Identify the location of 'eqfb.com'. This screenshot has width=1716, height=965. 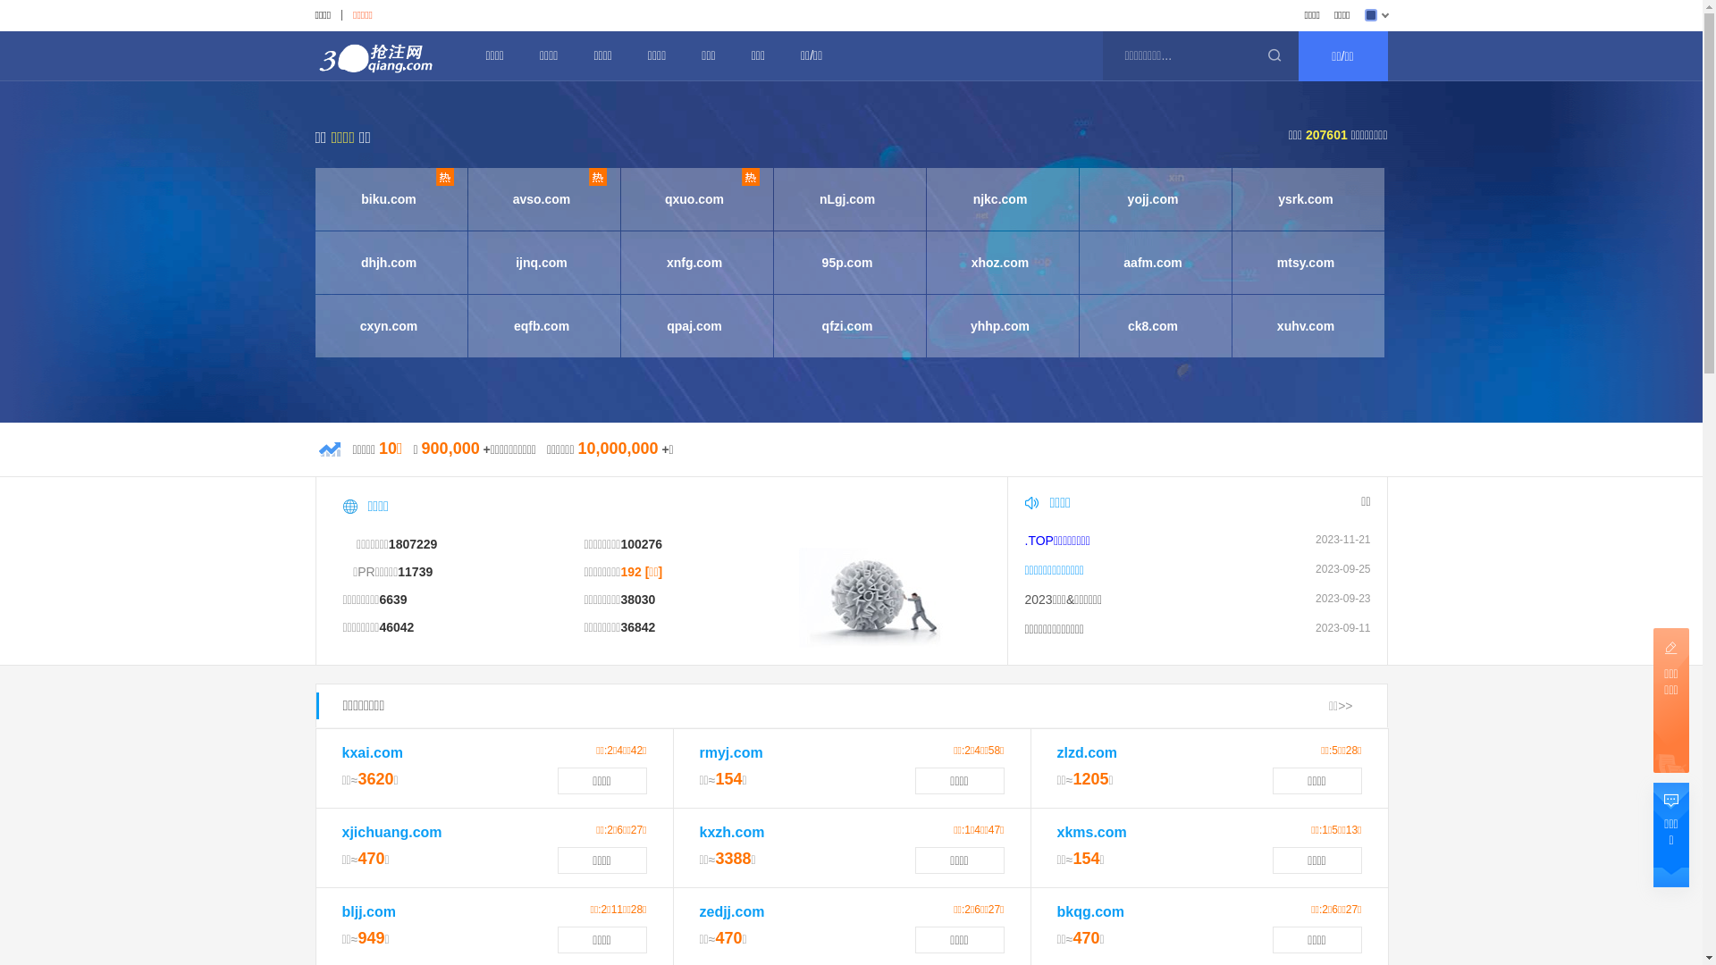
(541, 326).